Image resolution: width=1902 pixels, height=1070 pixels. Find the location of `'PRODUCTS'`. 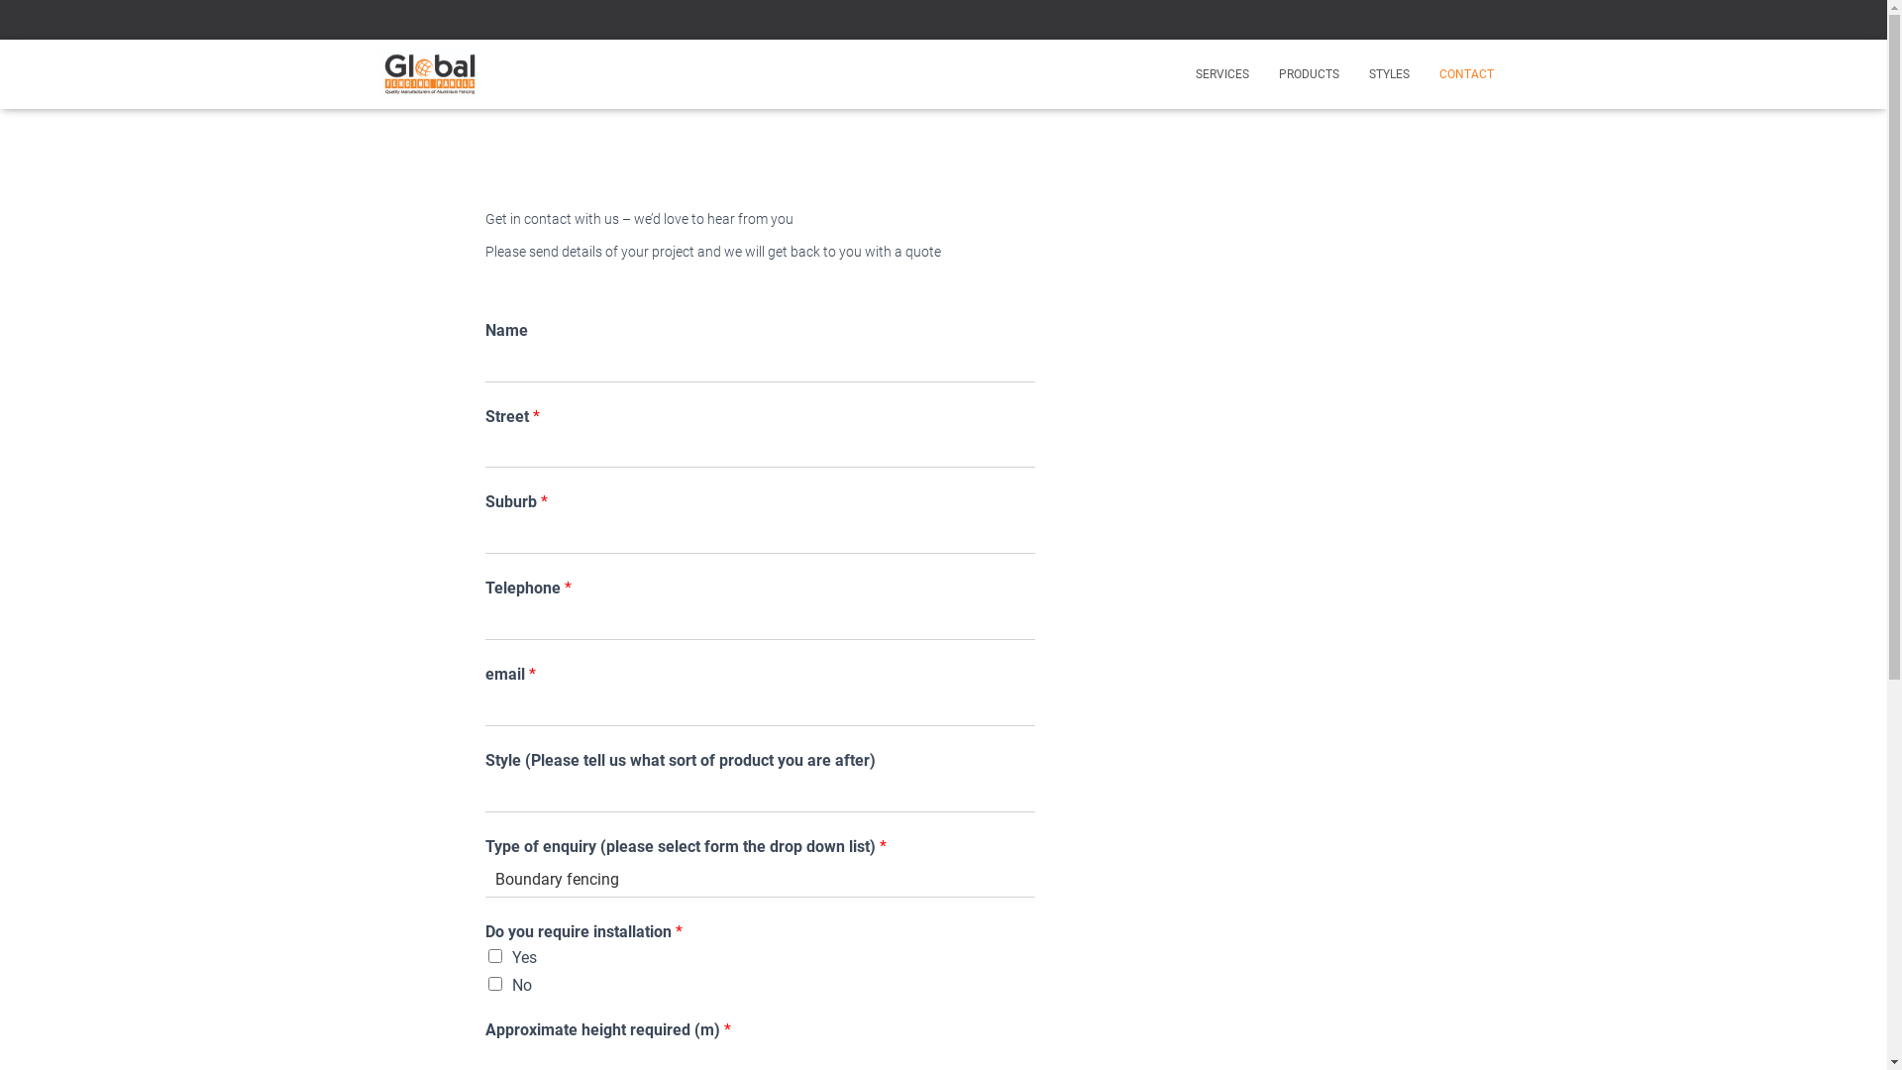

'PRODUCTS' is located at coordinates (1309, 72).